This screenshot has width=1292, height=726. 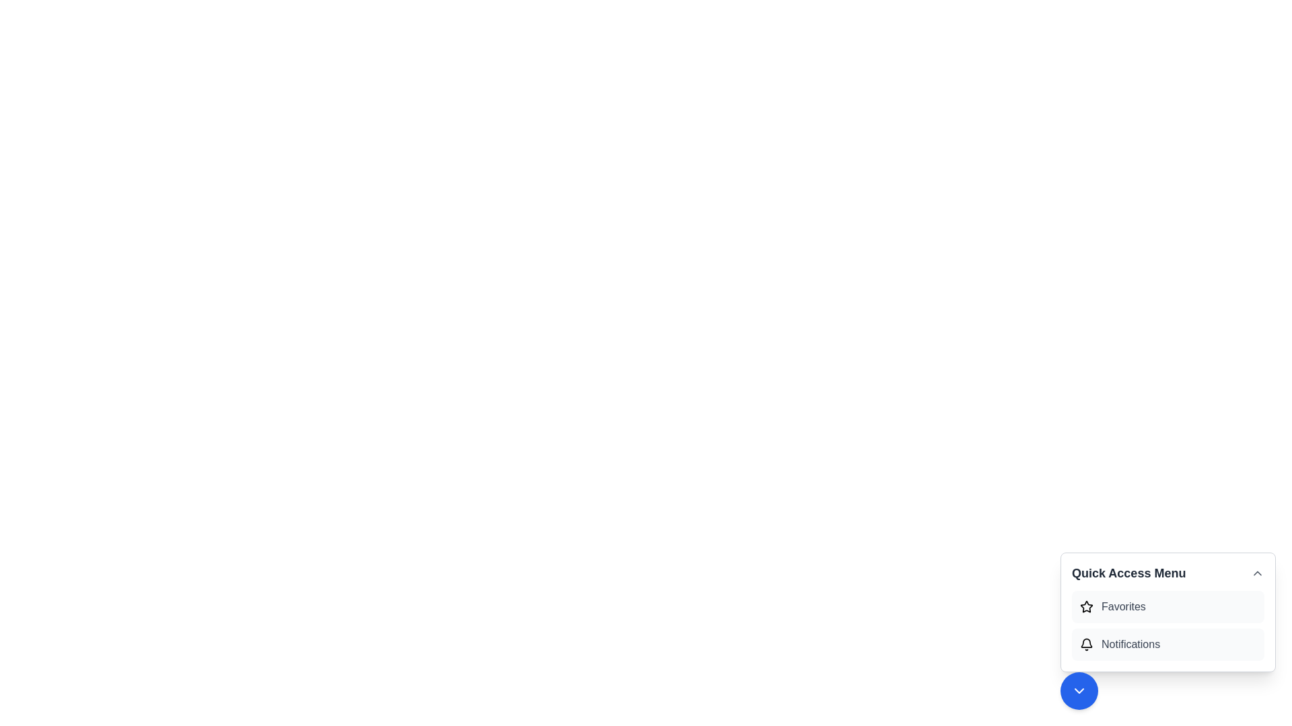 I want to click on the 'Favorites' icon in the 'Quick Access Menu' section, which is located to the left of the text content 'Favorites', so click(x=1086, y=606).